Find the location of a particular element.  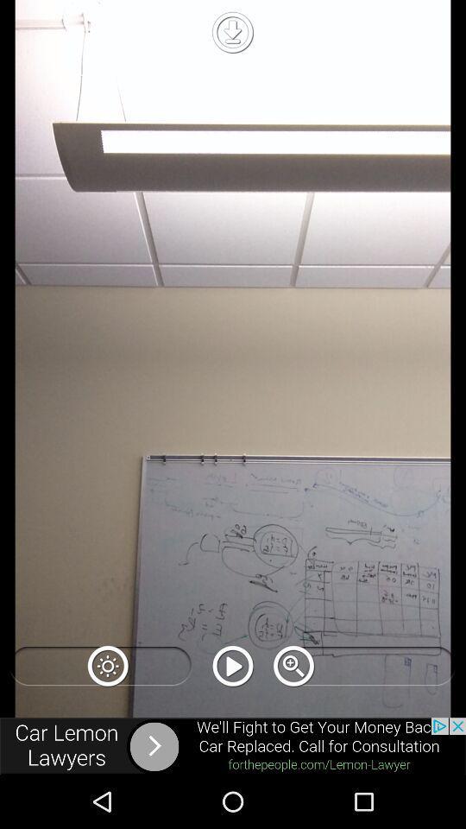

video is located at coordinates (233, 665).